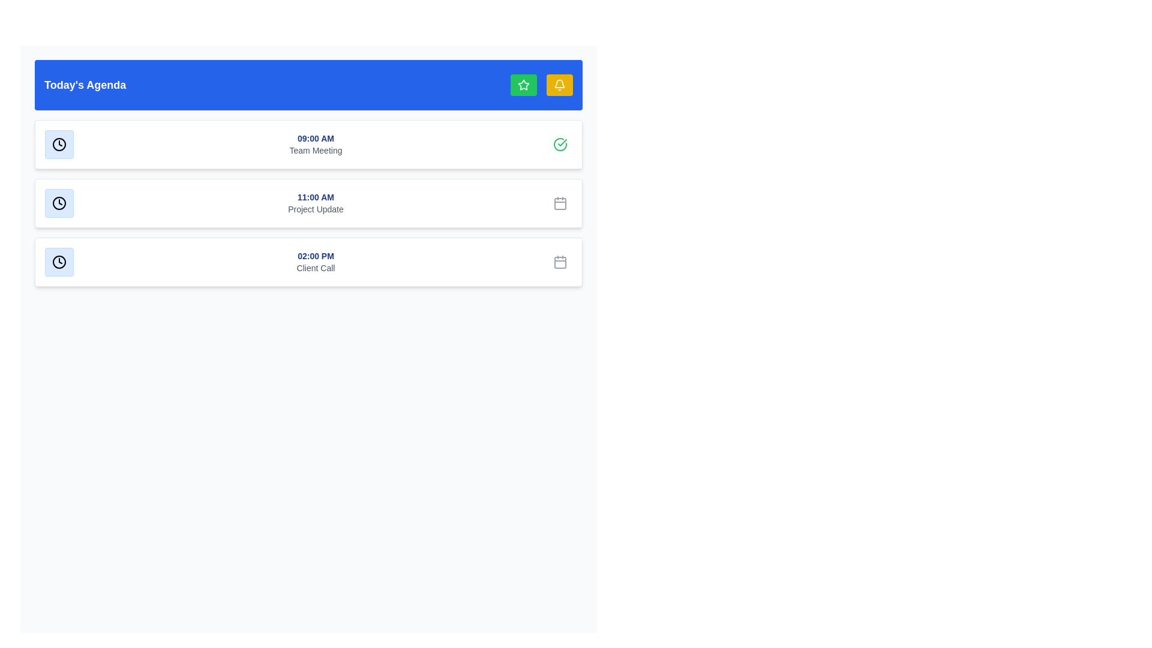 Image resolution: width=1152 pixels, height=648 pixels. Describe the element at coordinates (560, 262) in the screenshot. I see `the calendar icon located at the bottom-right corner of the 'Client Call' row within the agenda layout` at that location.